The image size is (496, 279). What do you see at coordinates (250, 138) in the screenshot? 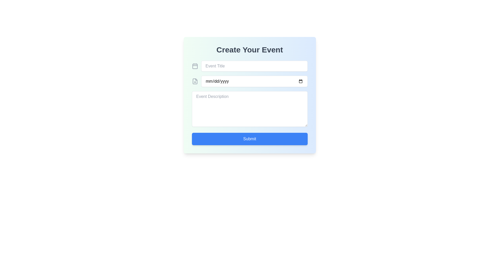
I see `the 'Submit' button located at the bottom of the form` at bounding box center [250, 138].